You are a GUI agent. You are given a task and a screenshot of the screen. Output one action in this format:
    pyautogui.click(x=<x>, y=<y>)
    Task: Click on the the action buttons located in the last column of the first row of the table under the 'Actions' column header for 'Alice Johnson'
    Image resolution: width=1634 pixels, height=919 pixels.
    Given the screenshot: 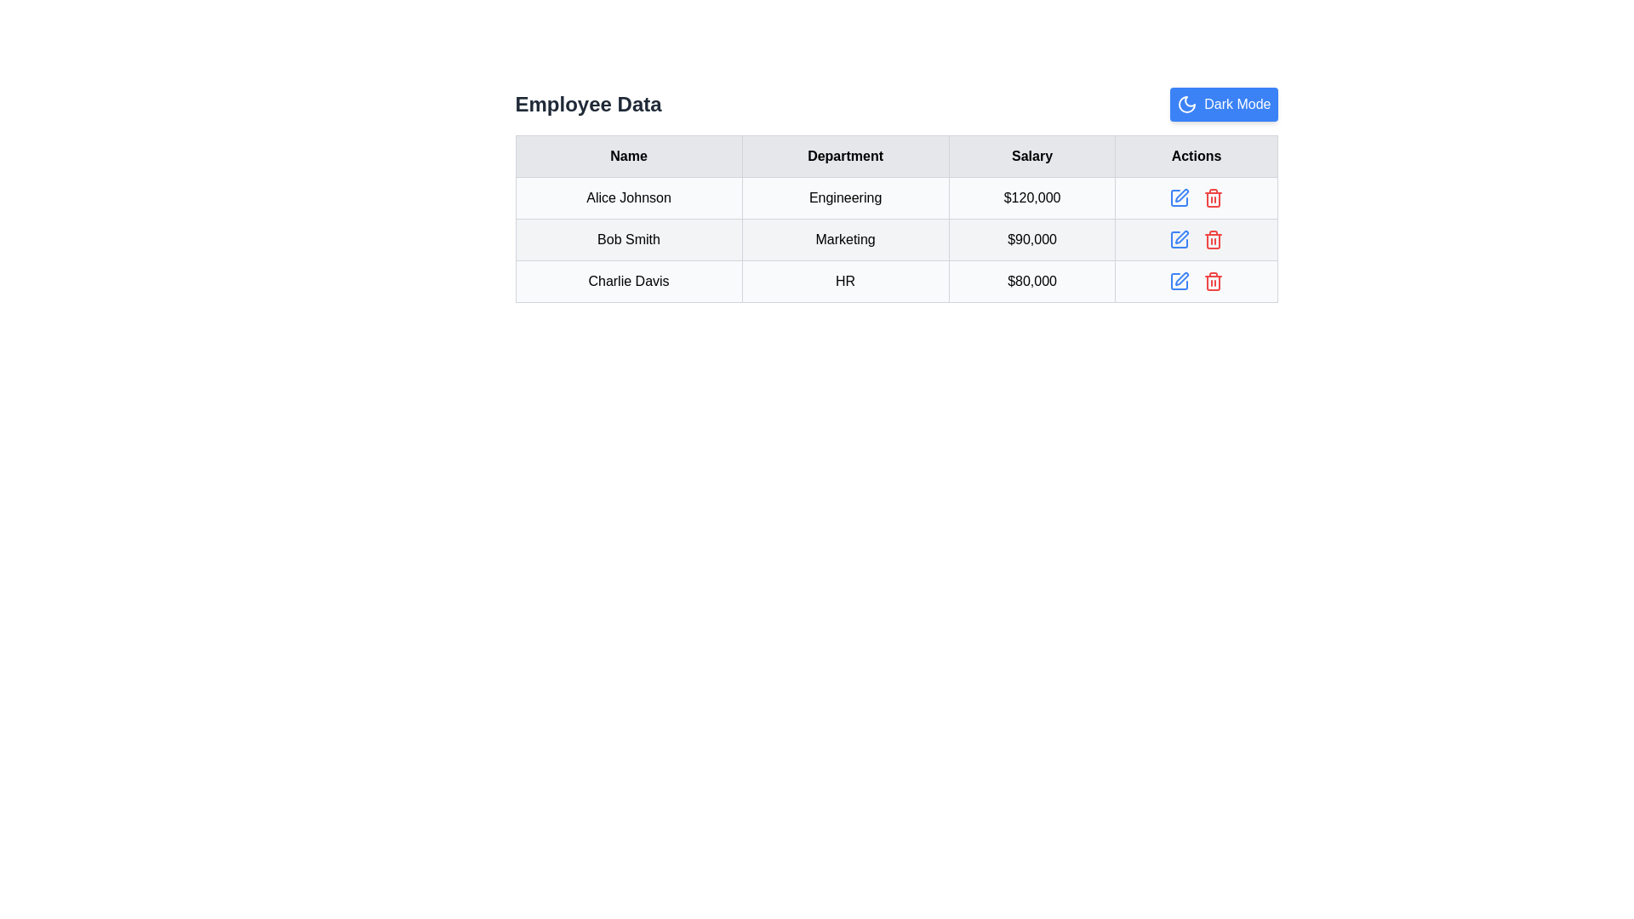 What is the action you would take?
    pyautogui.click(x=1196, y=197)
    